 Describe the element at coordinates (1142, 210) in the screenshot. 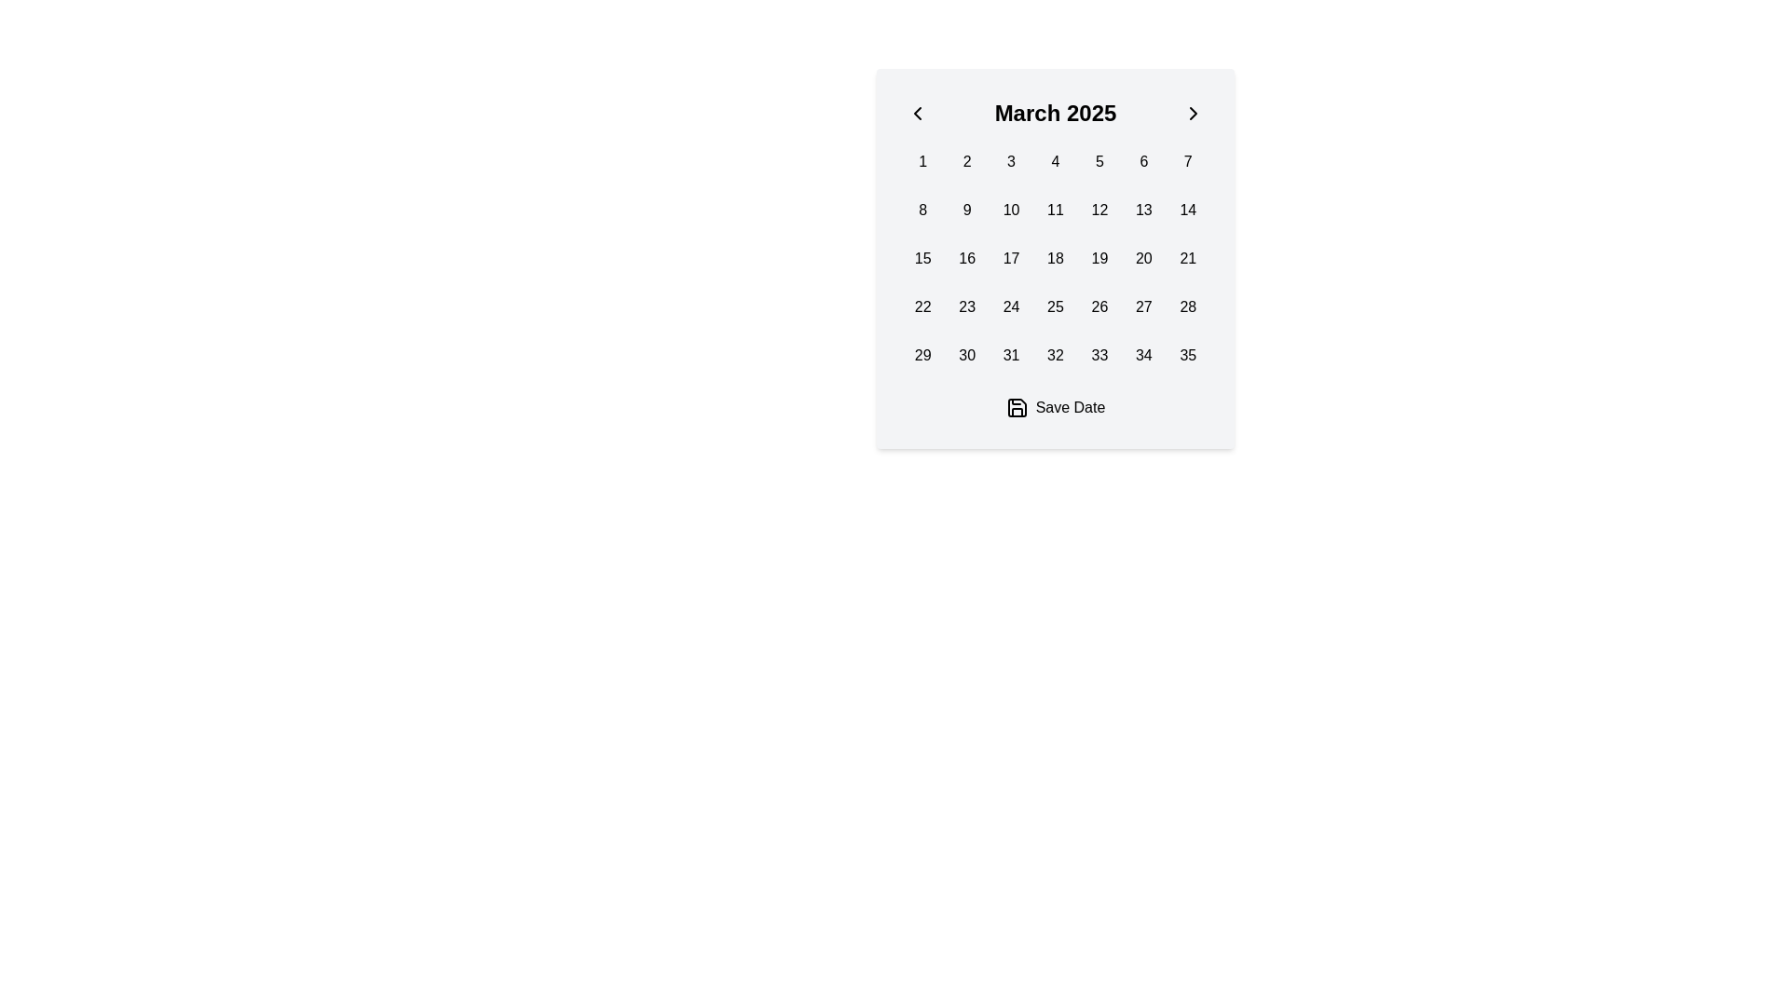

I see `the button representing the specific day in the calendar interface located in the second row and sixth column of the grid` at that location.